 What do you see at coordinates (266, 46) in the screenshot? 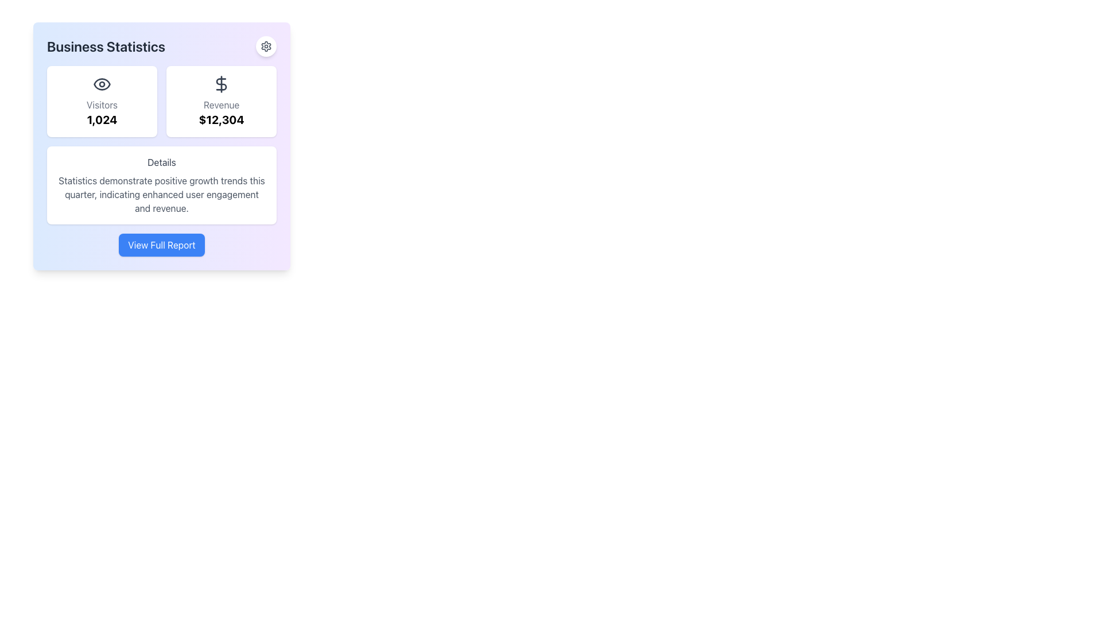
I see `the gear-like icon button in the top-right corner of the 'Business Statistics' card to invoke associated settings` at bounding box center [266, 46].